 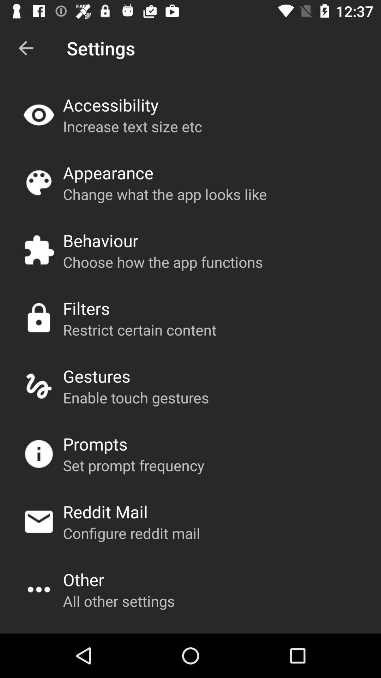 I want to click on app below enable touch gestures item, so click(x=95, y=444).